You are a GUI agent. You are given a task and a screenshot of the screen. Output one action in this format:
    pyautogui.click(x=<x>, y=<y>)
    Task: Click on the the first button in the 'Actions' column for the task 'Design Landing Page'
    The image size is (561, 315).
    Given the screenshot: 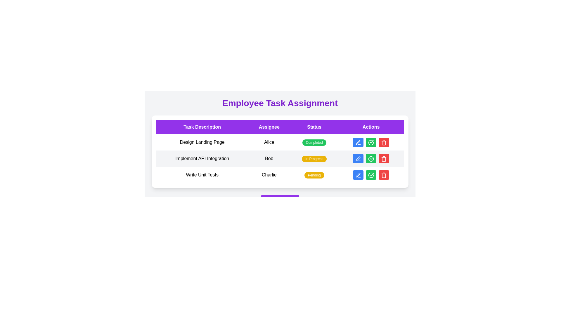 What is the action you would take?
    pyautogui.click(x=358, y=142)
    